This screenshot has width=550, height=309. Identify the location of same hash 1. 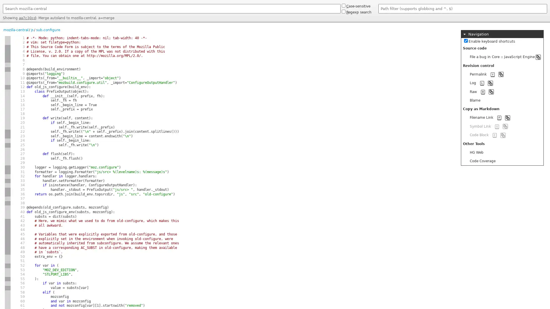
(8, 42).